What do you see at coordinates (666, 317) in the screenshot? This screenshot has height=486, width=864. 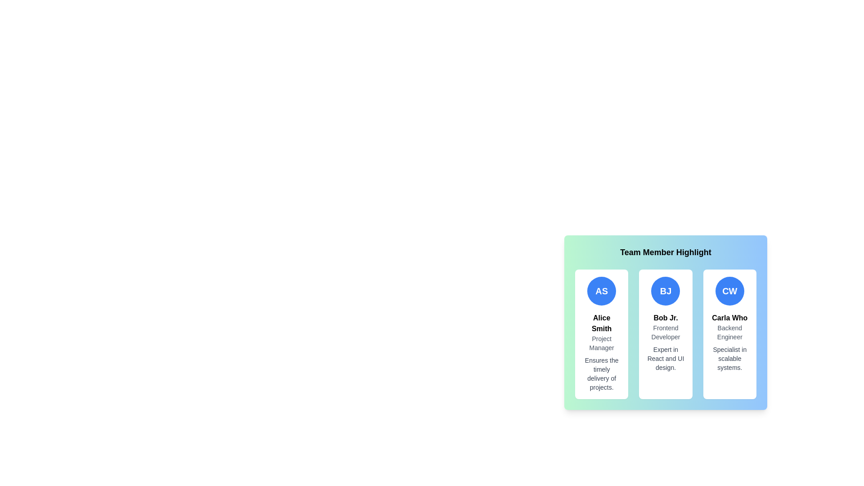 I see `the text label displaying 'Bob Jr.' that is centrally aligned and positioned below the 'BJ' icon, emphasizing its importance within the layout` at bounding box center [666, 317].